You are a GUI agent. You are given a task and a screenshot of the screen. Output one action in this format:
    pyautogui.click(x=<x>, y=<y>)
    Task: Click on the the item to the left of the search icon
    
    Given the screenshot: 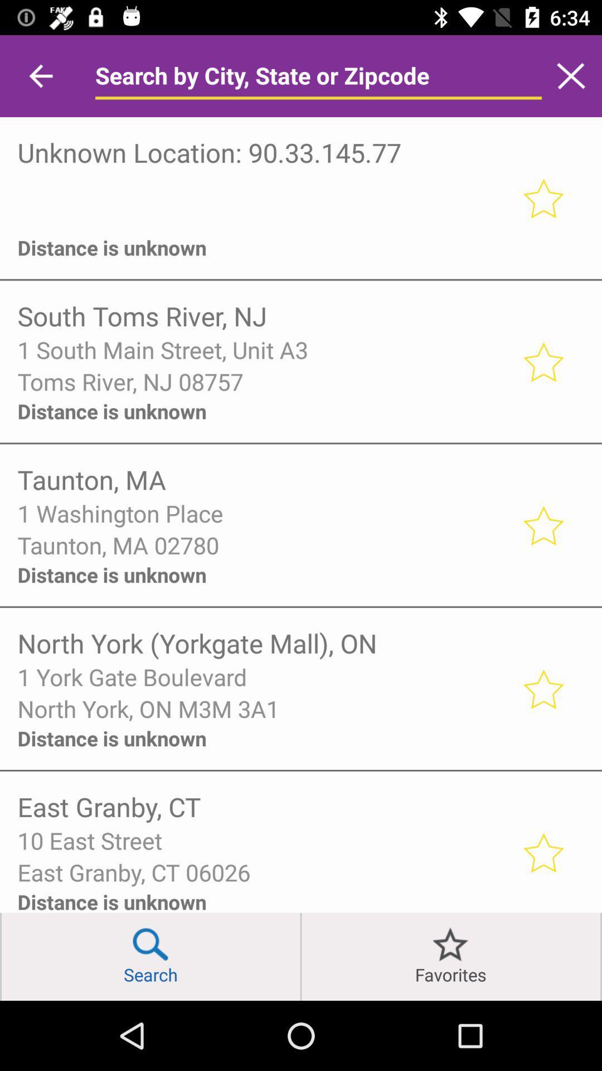 What is the action you would take?
    pyautogui.click(x=1, y=956)
    